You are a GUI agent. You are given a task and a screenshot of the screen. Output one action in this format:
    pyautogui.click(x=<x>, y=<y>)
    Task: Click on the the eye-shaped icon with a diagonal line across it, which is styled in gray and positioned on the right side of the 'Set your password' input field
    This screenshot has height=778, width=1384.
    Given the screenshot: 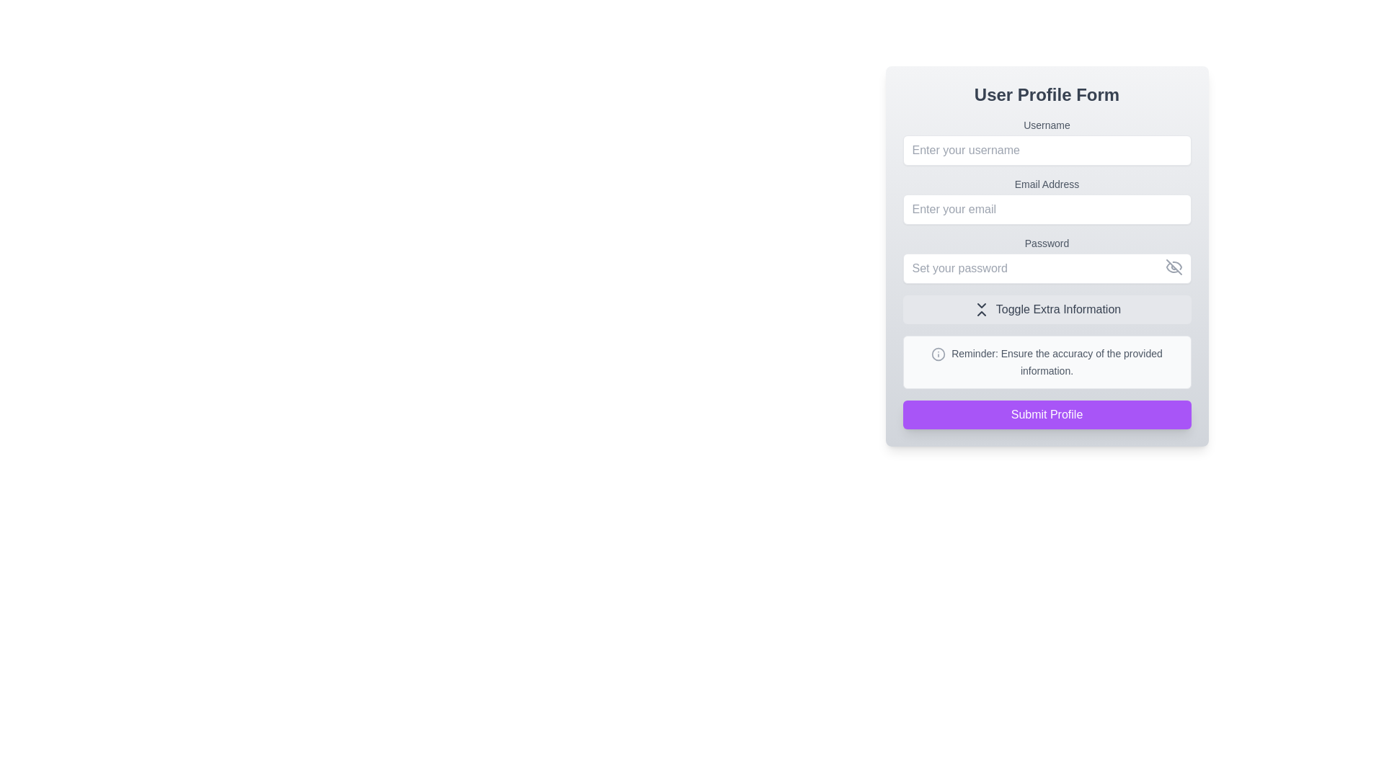 What is the action you would take?
    pyautogui.click(x=1174, y=267)
    